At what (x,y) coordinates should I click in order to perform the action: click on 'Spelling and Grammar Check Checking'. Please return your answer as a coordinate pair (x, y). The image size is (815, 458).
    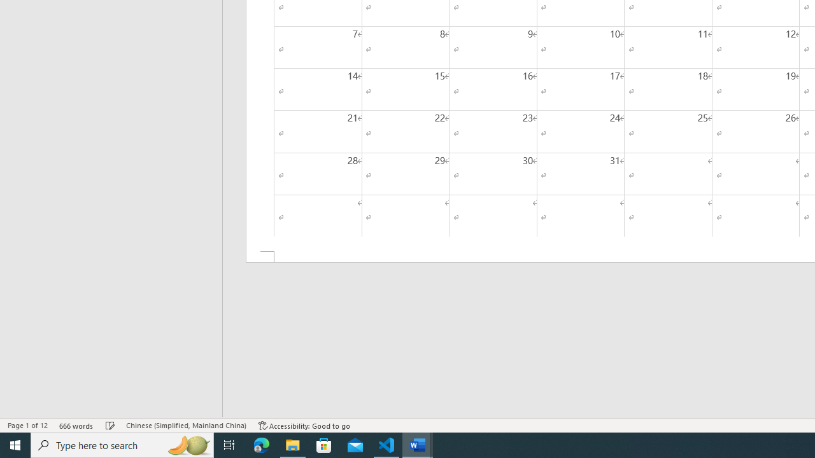
    Looking at the image, I should click on (110, 426).